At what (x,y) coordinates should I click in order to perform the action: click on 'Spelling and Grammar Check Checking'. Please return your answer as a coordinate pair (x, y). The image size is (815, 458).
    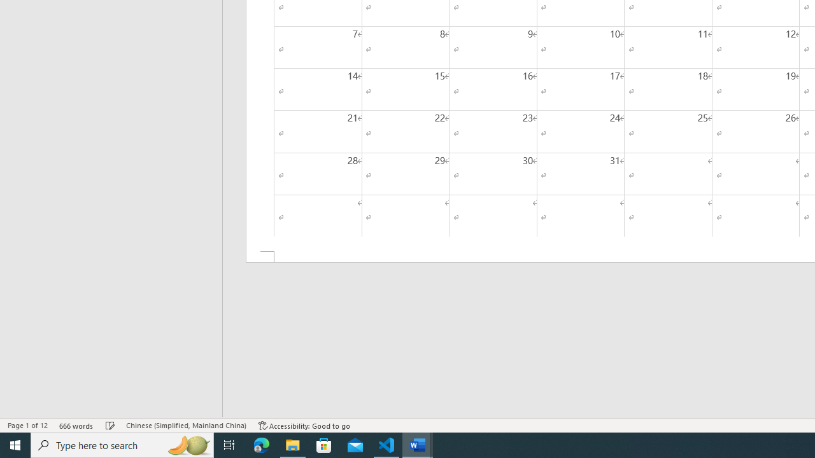
    Looking at the image, I should click on (110, 426).